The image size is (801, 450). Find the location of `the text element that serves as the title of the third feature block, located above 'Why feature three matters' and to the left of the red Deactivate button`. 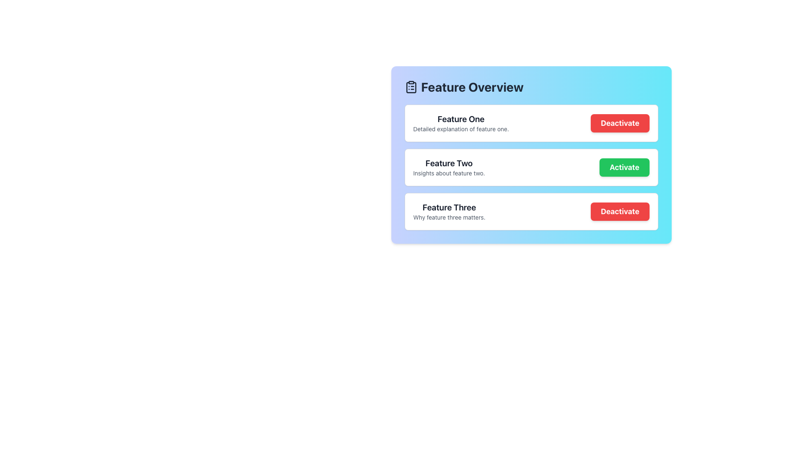

the text element that serves as the title of the third feature block, located above 'Why feature three matters' and to the left of the red Deactivate button is located at coordinates (448, 207).